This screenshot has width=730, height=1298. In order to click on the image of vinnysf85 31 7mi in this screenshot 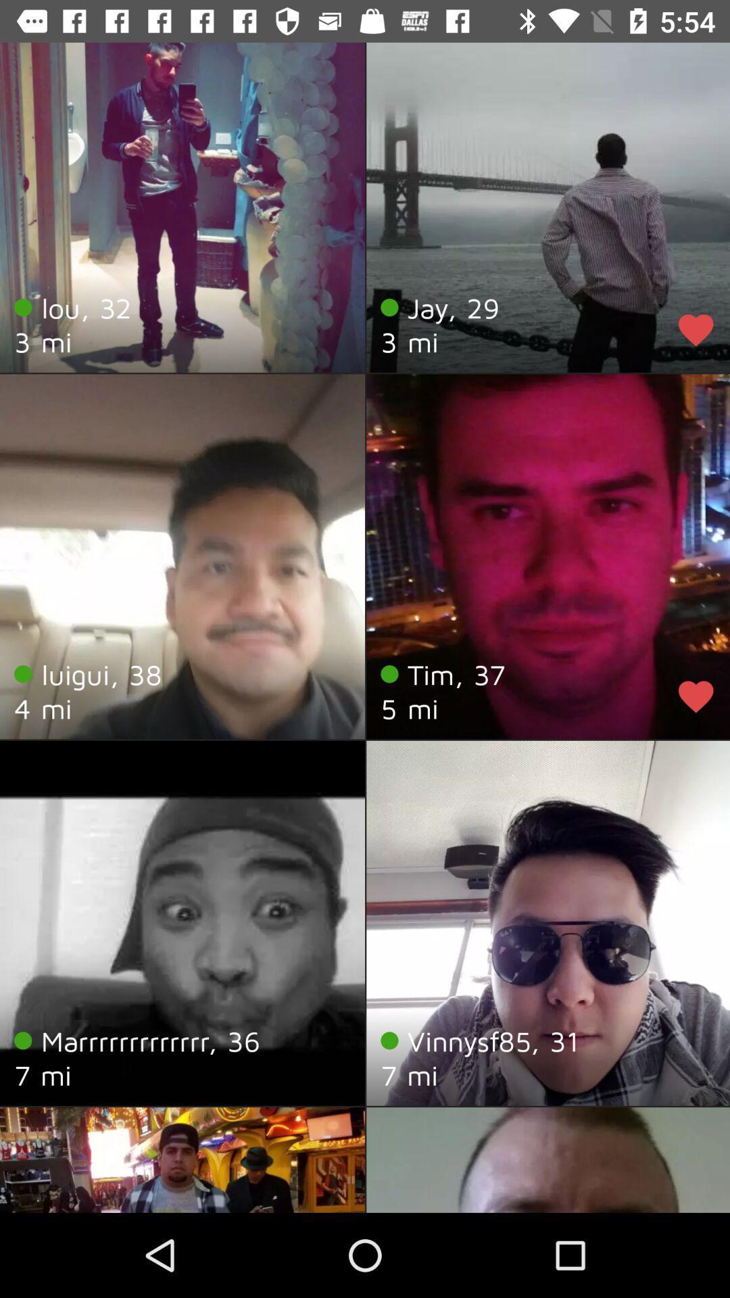, I will do `click(547, 923)`.